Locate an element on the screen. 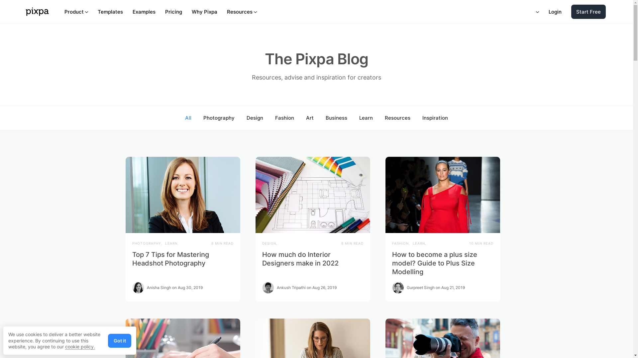 This screenshot has height=358, width=638. 'Why Pixpa' is located at coordinates (204, 12).